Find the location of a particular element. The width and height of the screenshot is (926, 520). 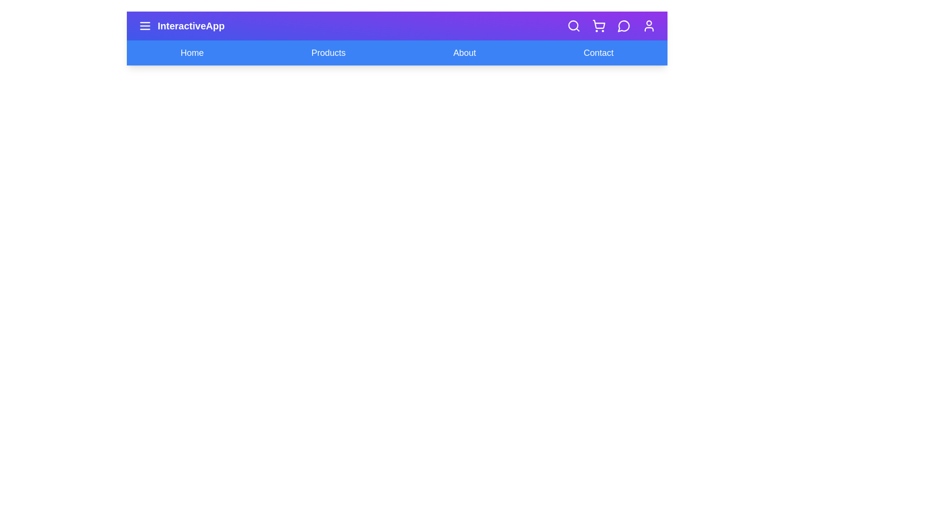

the specified icon button: user is located at coordinates (649, 26).